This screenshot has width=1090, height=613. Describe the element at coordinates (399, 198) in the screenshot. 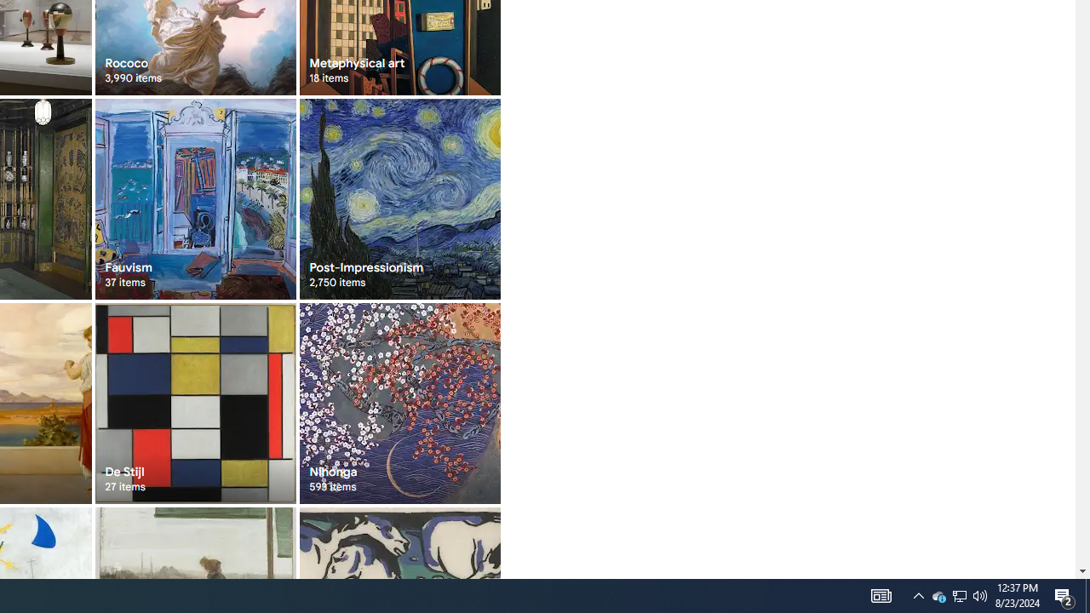

I see `'Post-Impressionism 2,750 items'` at that location.